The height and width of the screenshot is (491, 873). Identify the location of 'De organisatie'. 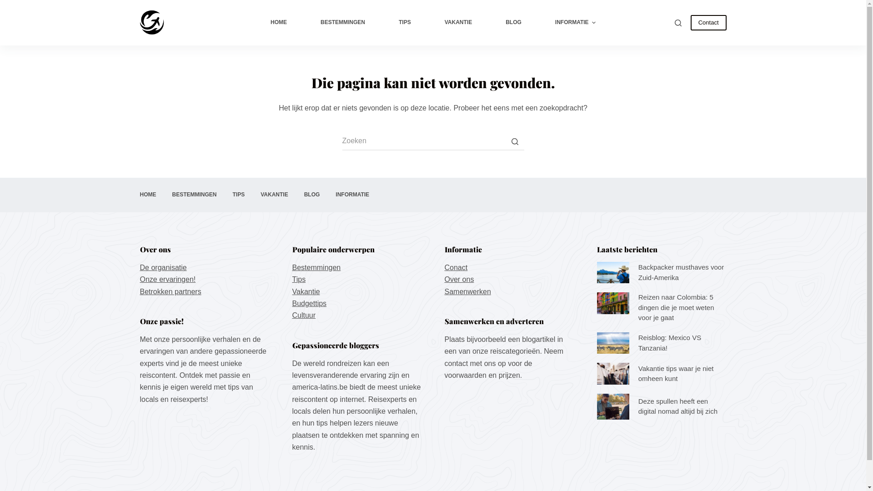
(163, 267).